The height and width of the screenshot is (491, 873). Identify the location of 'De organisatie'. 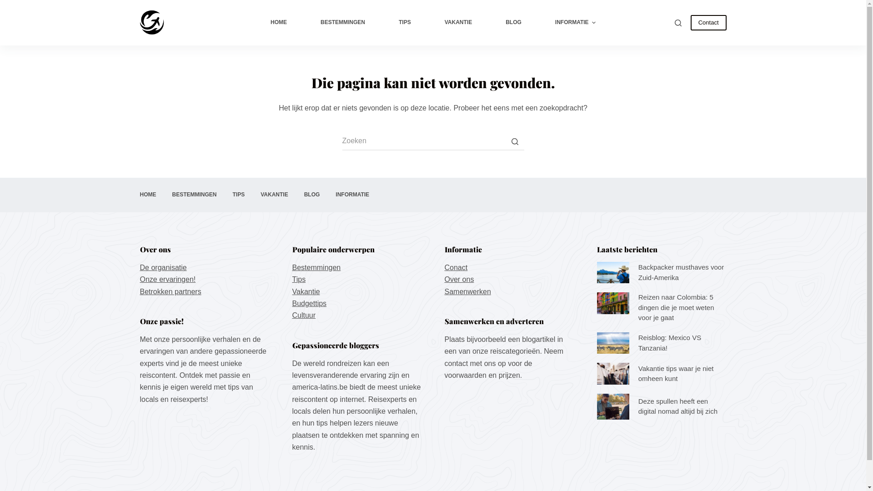
(163, 267).